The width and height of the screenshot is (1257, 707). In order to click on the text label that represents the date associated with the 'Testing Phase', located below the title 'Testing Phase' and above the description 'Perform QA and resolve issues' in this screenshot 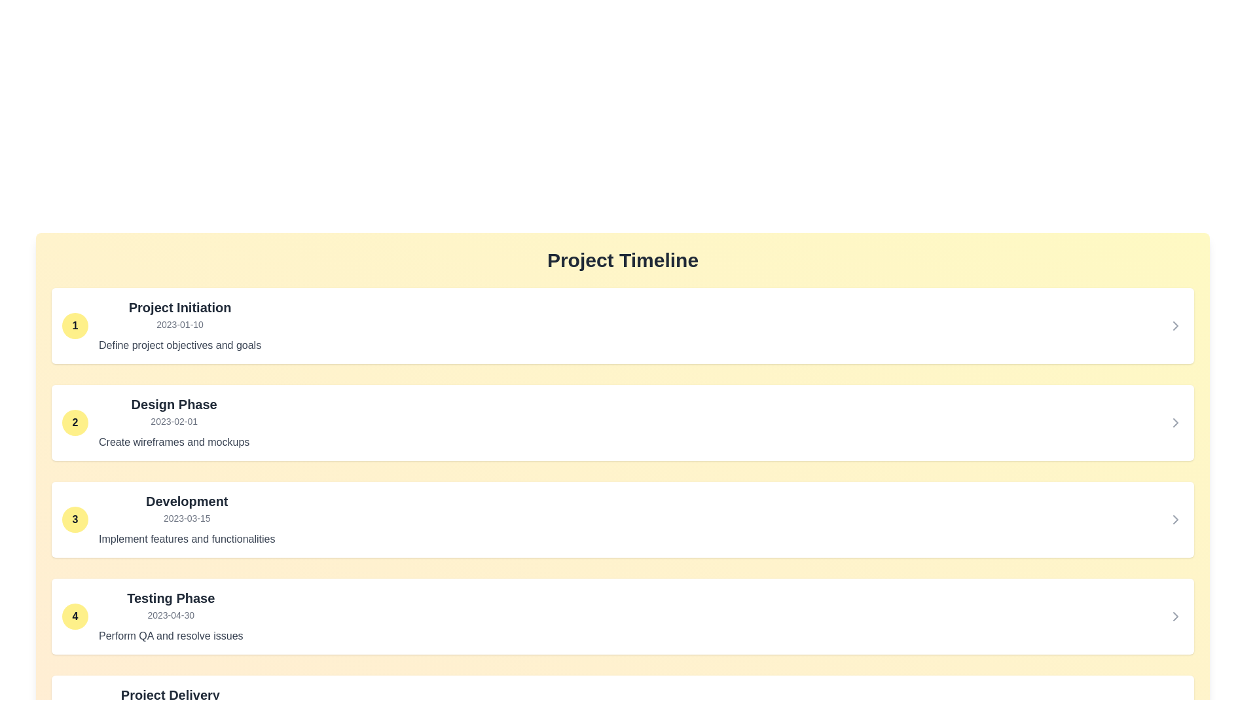, I will do `click(170, 615)`.